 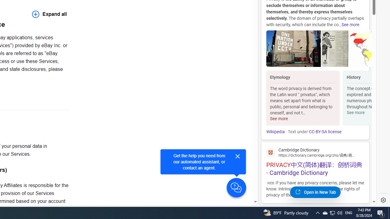 What do you see at coordinates (49, 14) in the screenshot?
I see `'Expand all'` at bounding box center [49, 14].